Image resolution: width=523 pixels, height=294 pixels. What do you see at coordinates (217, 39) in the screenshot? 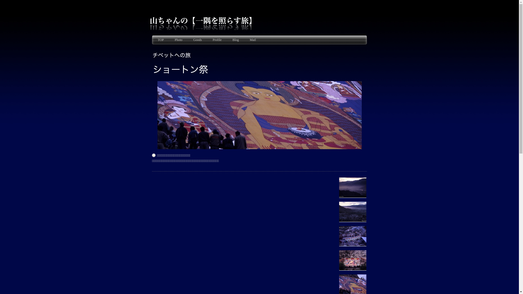
I see `'Profile'` at bounding box center [217, 39].